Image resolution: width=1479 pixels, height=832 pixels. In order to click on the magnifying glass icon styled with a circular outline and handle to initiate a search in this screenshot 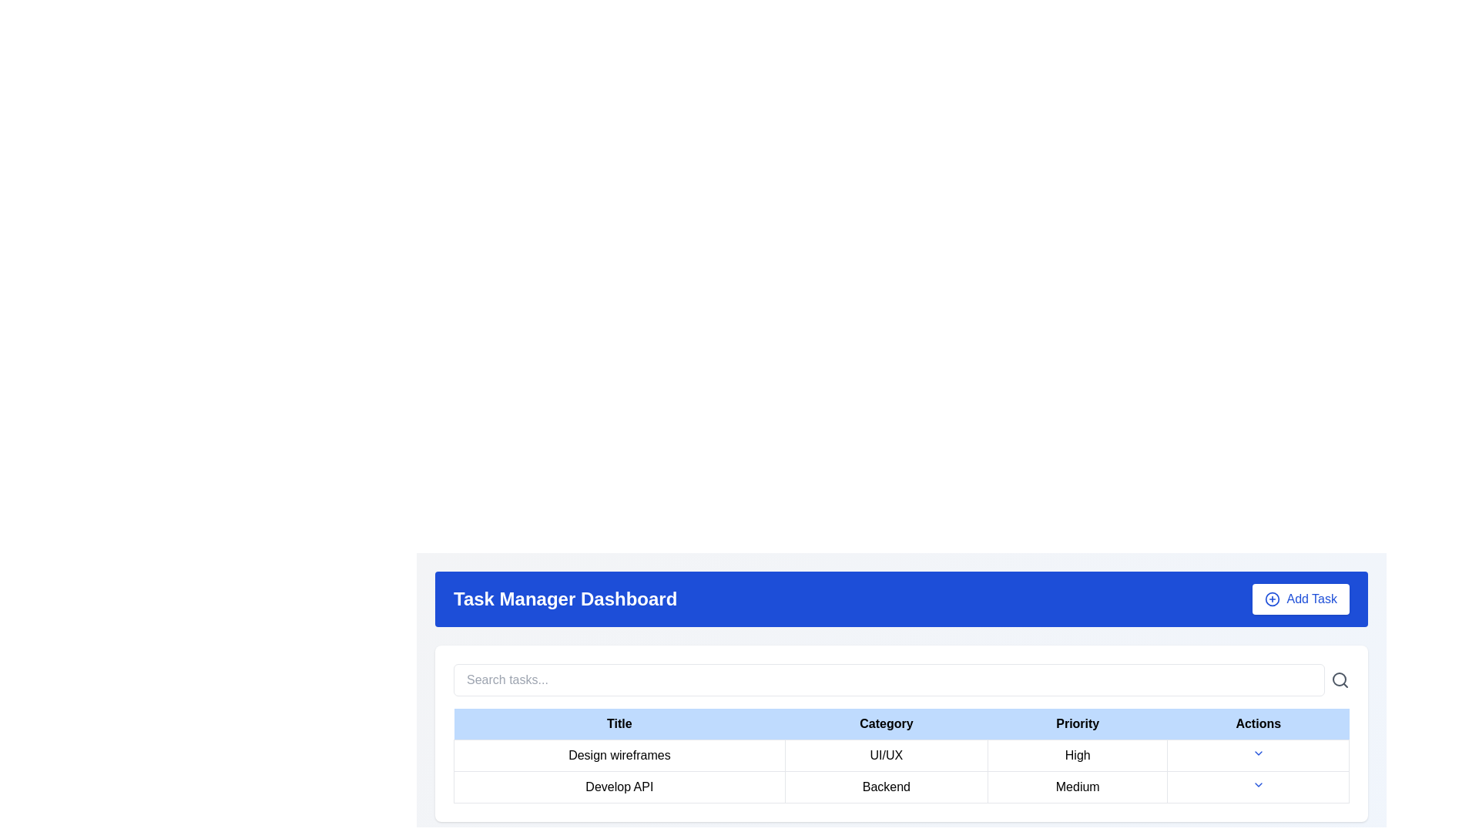, I will do `click(1339, 679)`.